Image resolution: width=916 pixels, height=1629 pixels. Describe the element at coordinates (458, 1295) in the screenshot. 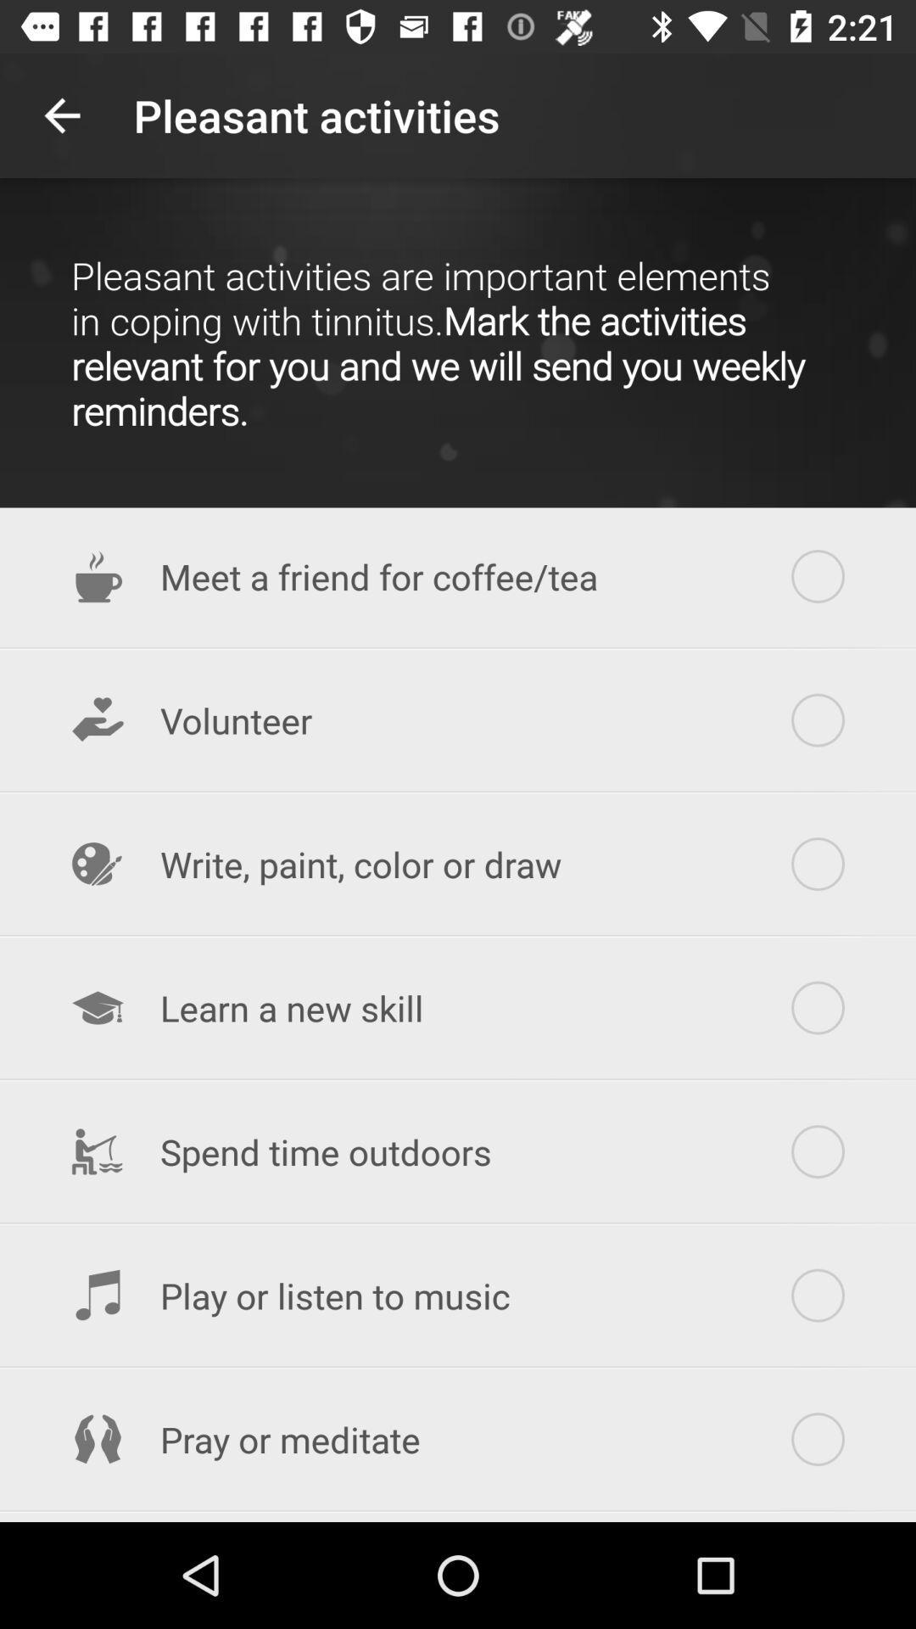

I see `the icon above the pray or meditate item` at that location.